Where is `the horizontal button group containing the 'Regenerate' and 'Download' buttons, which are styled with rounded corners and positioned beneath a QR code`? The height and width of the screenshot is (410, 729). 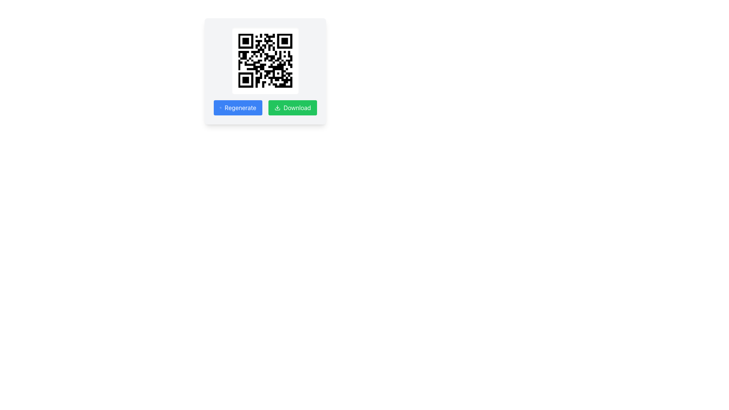
the horizontal button group containing the 'Regenerate' and 'Download' buttons, which are styled with rounded corners and positioned beneath a QR code is located at coordinates (265, 108).